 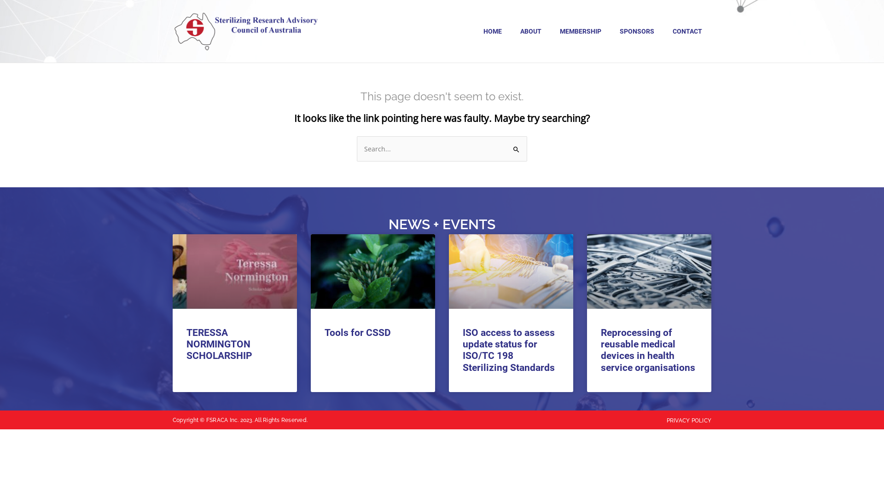 I want to click on 'HOME', so click(x=474, y=31).